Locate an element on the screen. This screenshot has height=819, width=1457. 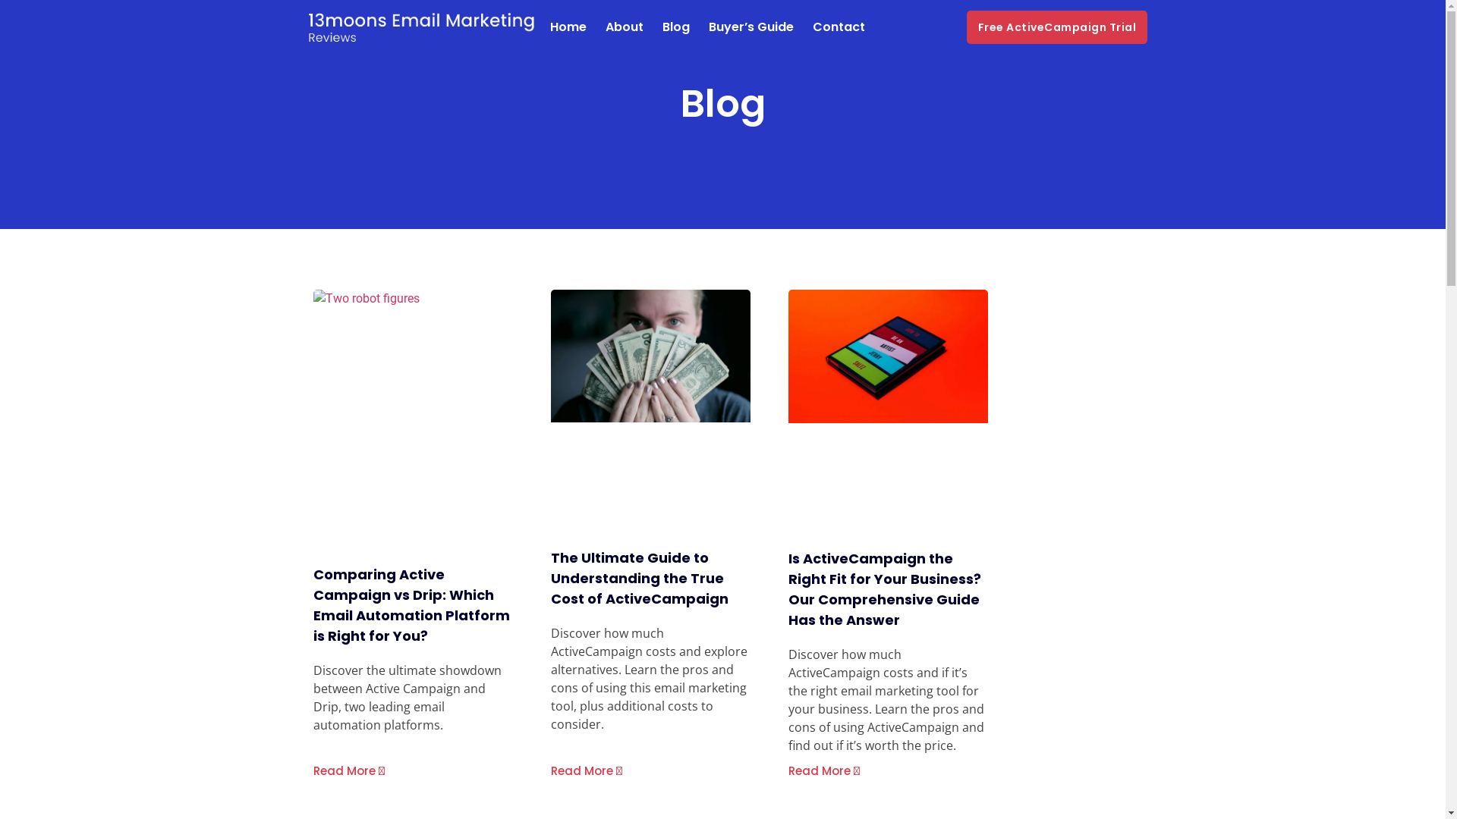
'Blog' is located at coordinates (662, 27).